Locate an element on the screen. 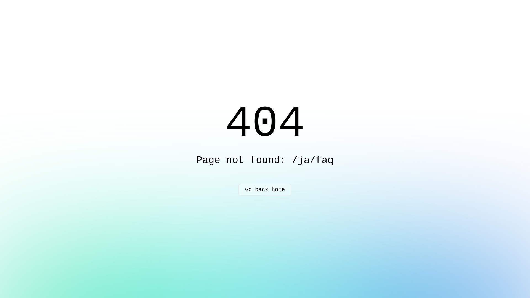 This screenshot has width=530, height=298. 'Go back home' is located at coordinates (265, 189).